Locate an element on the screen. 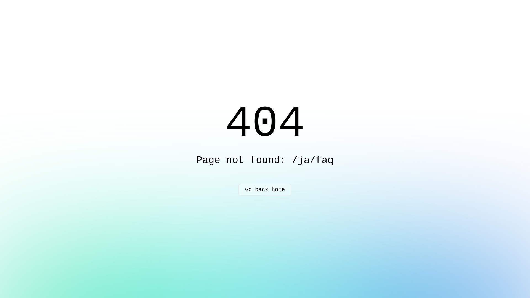 This screenshot has width=530, height=298. 'Go back home' is located at coordinates (265, 189).